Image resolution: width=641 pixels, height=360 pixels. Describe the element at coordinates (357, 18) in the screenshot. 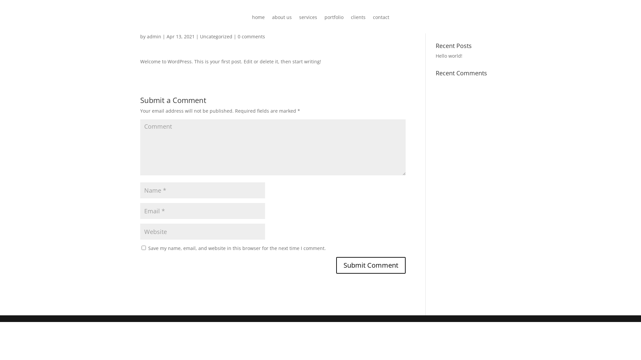

I see `'clients'` at that location.